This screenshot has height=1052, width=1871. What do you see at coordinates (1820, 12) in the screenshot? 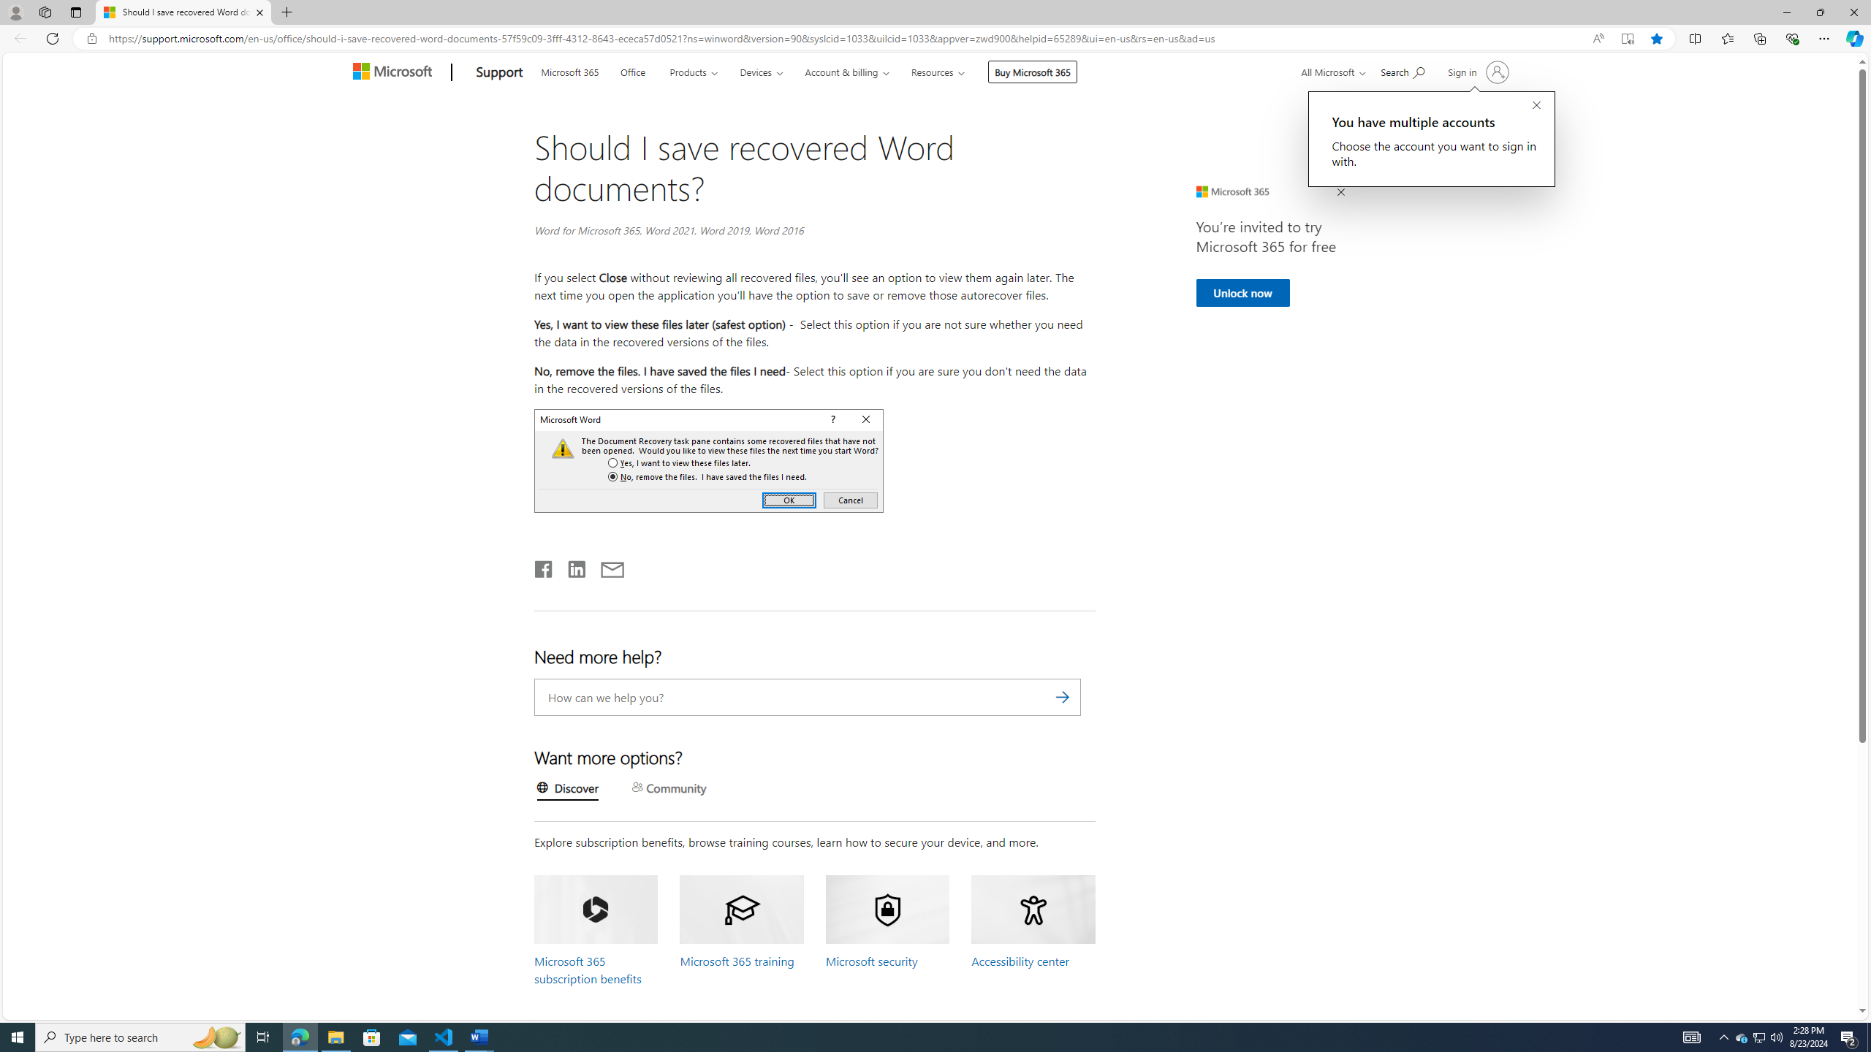
I see `'Restore'` at bounding box center [1820, 12].